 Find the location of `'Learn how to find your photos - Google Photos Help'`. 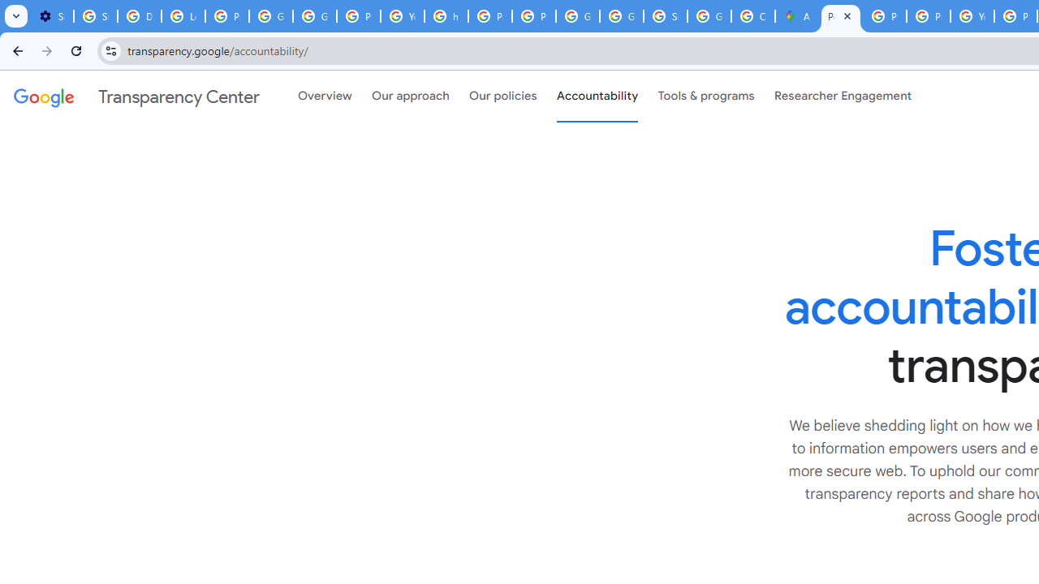

'Learn how to find your photos - Google Photos Help' is located at coordinates (183, 16).